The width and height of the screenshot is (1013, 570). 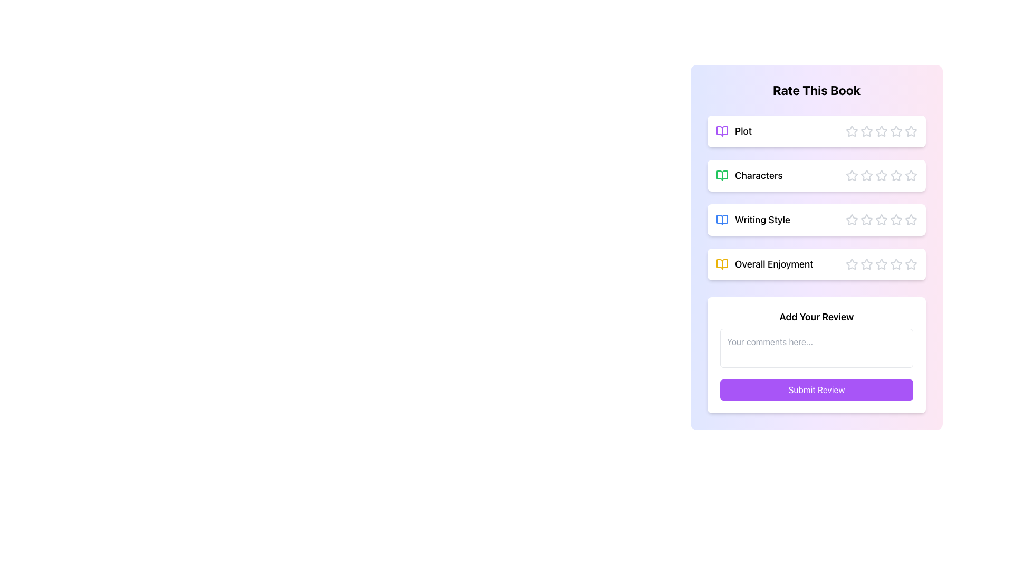 What do you see at coordinates (721, 264) in the screenshot?
I see `the yellow-colored open book icon in the 'Overall Enjoyment' section, located at the top left corner beside its label` at bounding box center [721, 264].